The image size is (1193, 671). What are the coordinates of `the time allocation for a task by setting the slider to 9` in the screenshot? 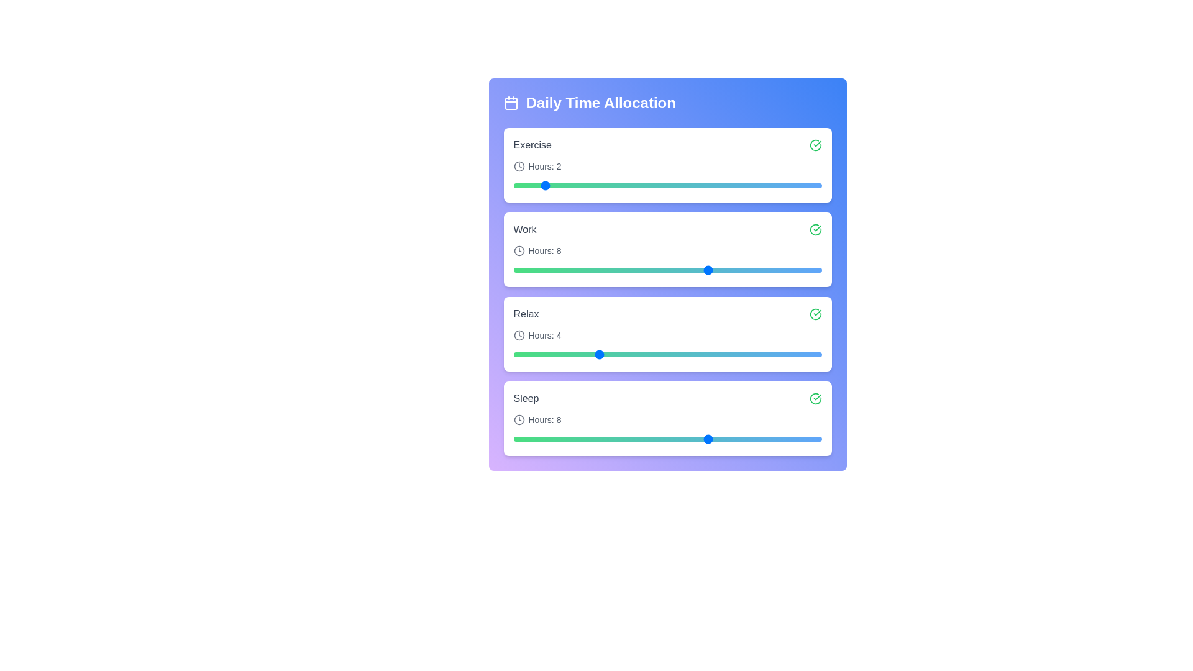 It's located at (738, 186).